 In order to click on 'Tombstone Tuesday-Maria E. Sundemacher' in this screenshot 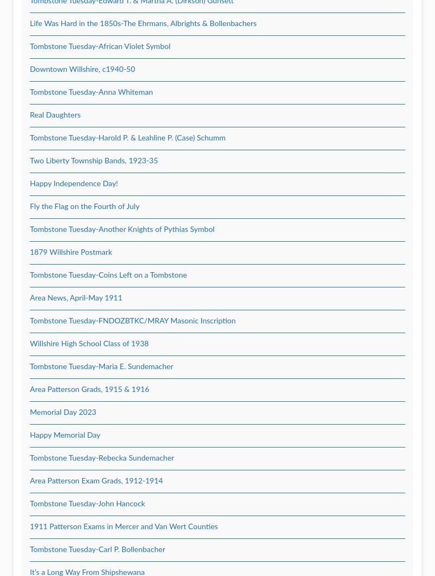, I will do `click(101, 366)`.